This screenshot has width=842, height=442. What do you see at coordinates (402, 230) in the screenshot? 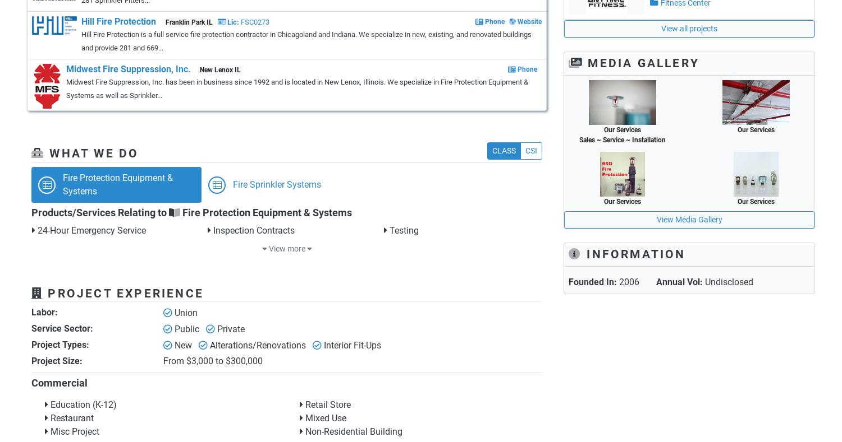
I see `'Testing'` at bounding box center [402, 230].